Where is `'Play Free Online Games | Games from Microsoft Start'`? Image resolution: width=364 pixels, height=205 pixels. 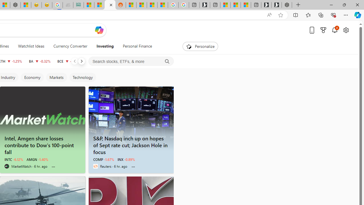 'Play Free Online Games | Games from Microsoft Start' is located at coordinates (276, 5).